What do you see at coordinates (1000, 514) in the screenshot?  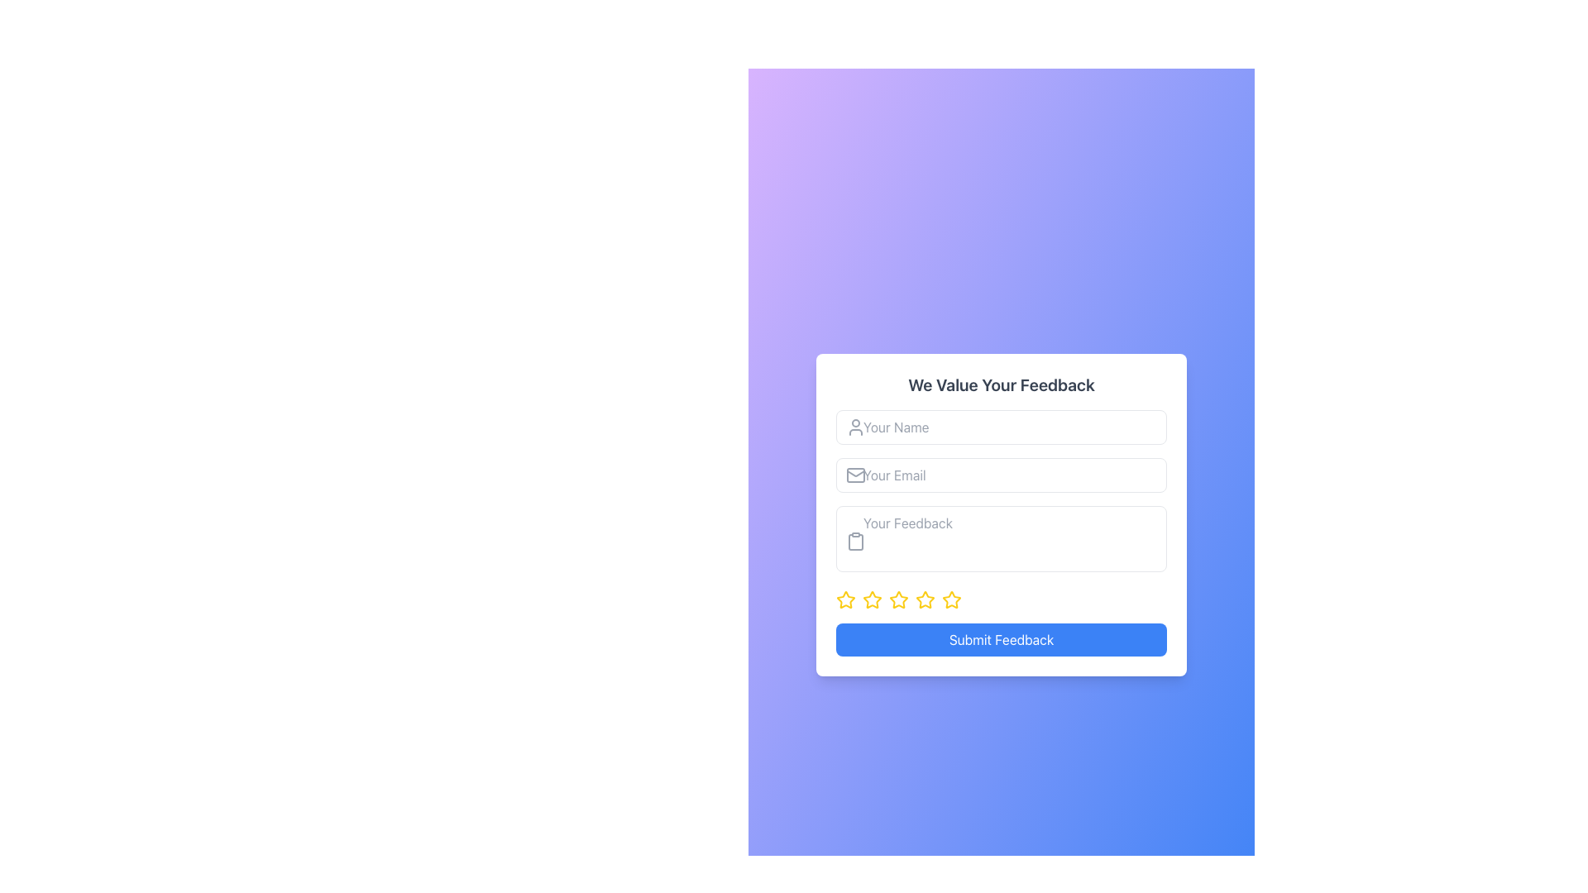 I see `in the input field of the card-style feedback form labeled 'We Value Your Feedback' to focus on it` at bounding box center [1000, 514].